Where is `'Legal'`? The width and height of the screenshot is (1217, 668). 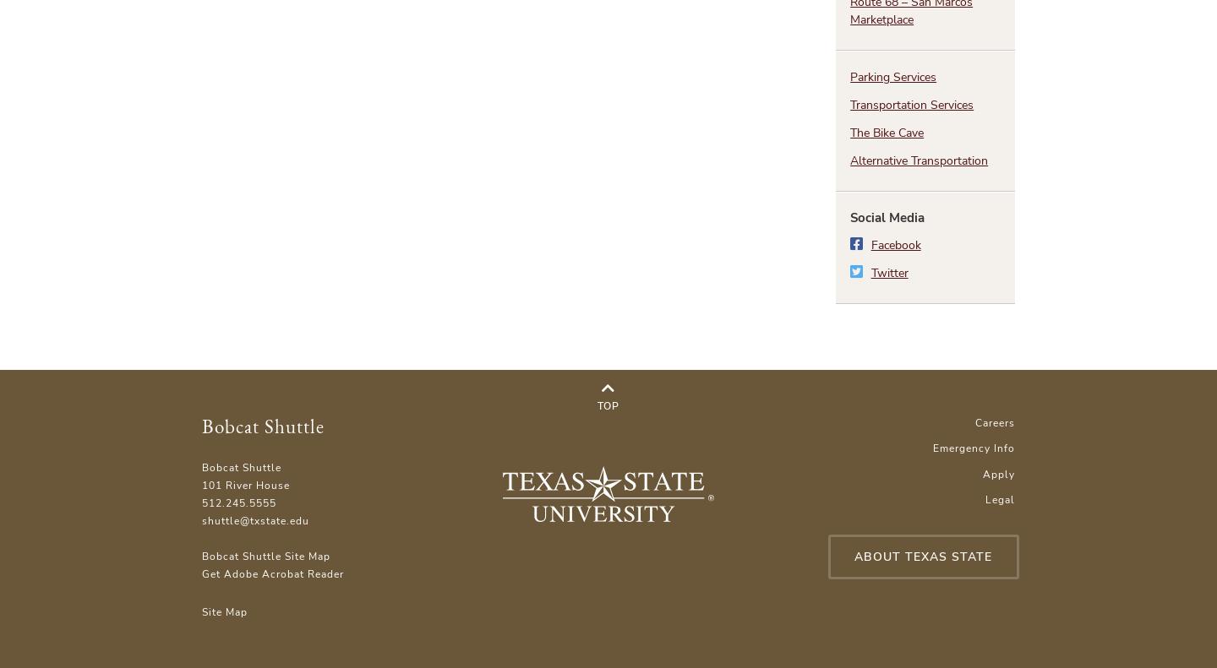 'Legal' is located at coordinates (984, 497).